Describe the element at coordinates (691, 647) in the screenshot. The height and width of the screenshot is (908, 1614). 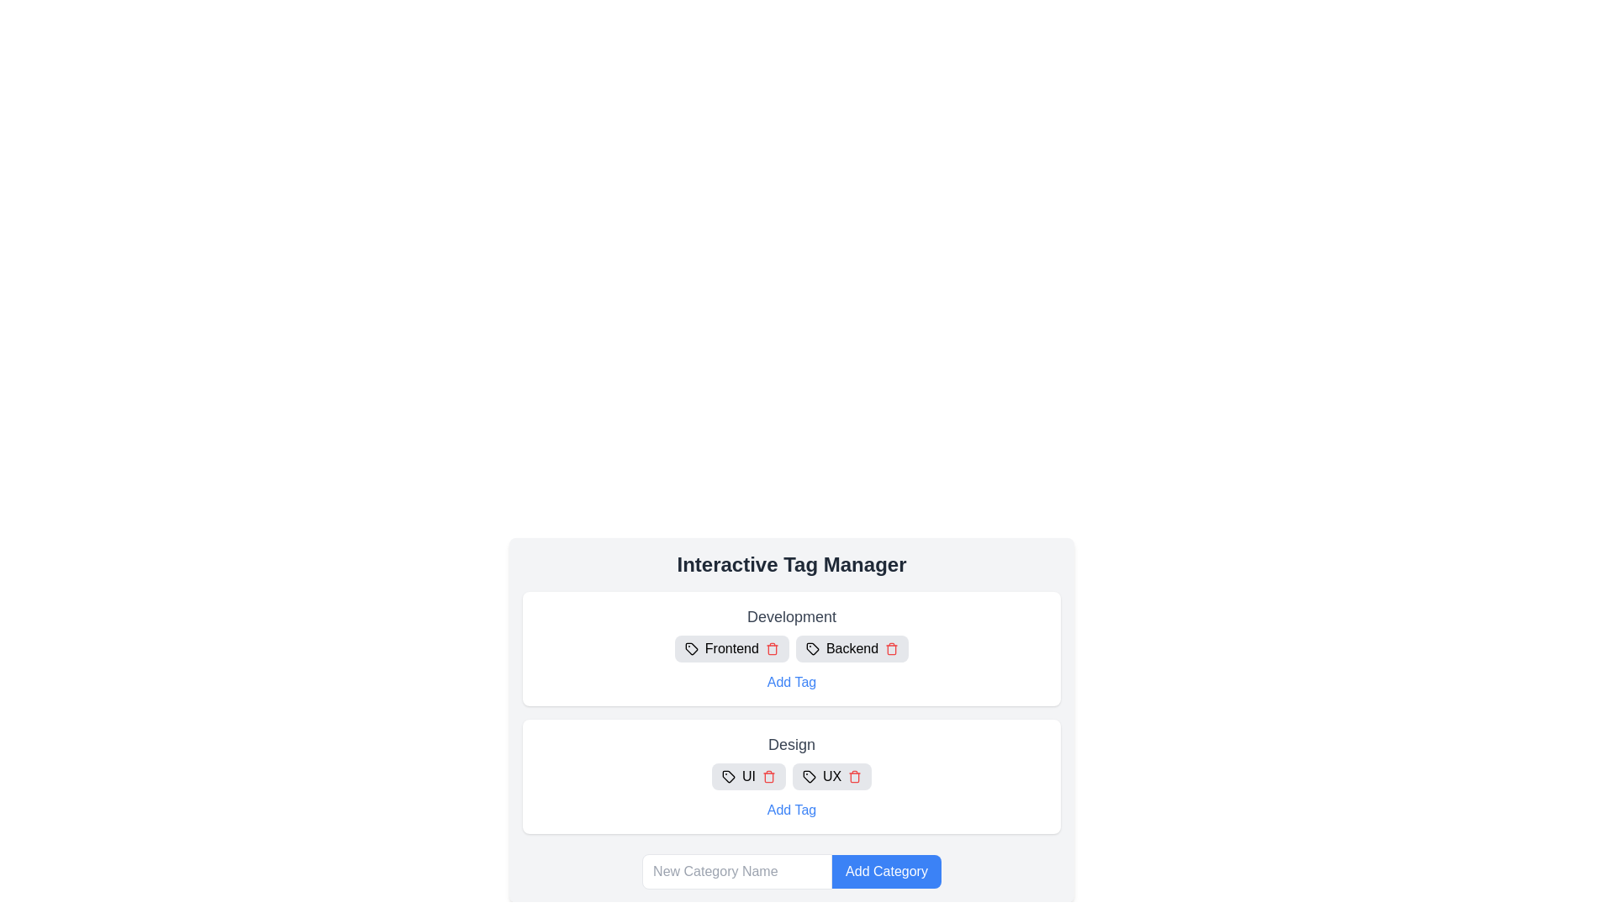
I see `the SVG tag icon located next to the 'Frontend' label in the 'Development' section` at that location.